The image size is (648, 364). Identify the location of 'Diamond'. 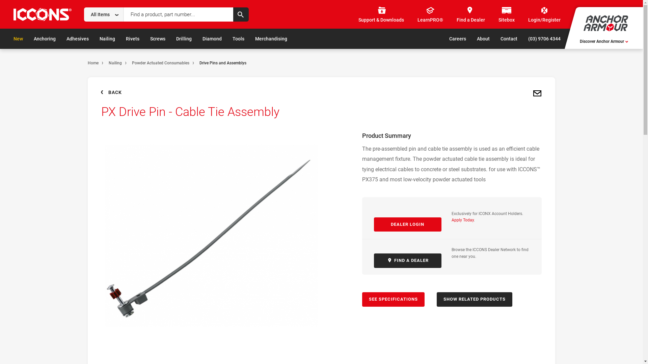
(212, 39).